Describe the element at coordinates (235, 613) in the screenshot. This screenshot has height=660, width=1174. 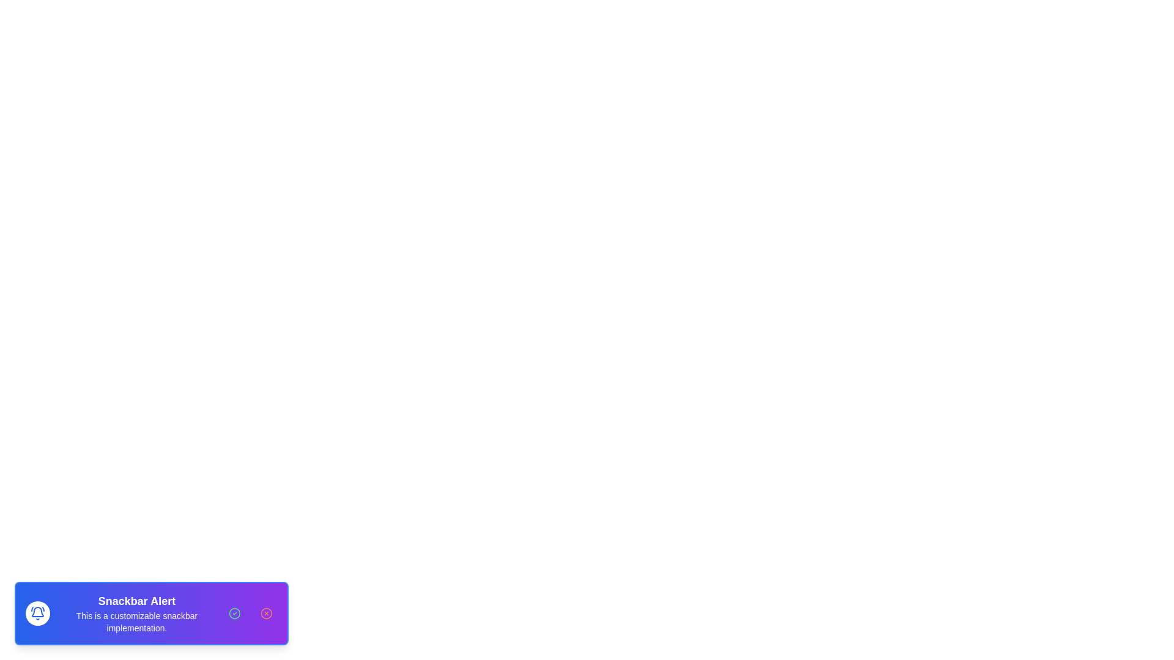
I see `the acknowledge button to trigger the acknowledgment action` at that location.